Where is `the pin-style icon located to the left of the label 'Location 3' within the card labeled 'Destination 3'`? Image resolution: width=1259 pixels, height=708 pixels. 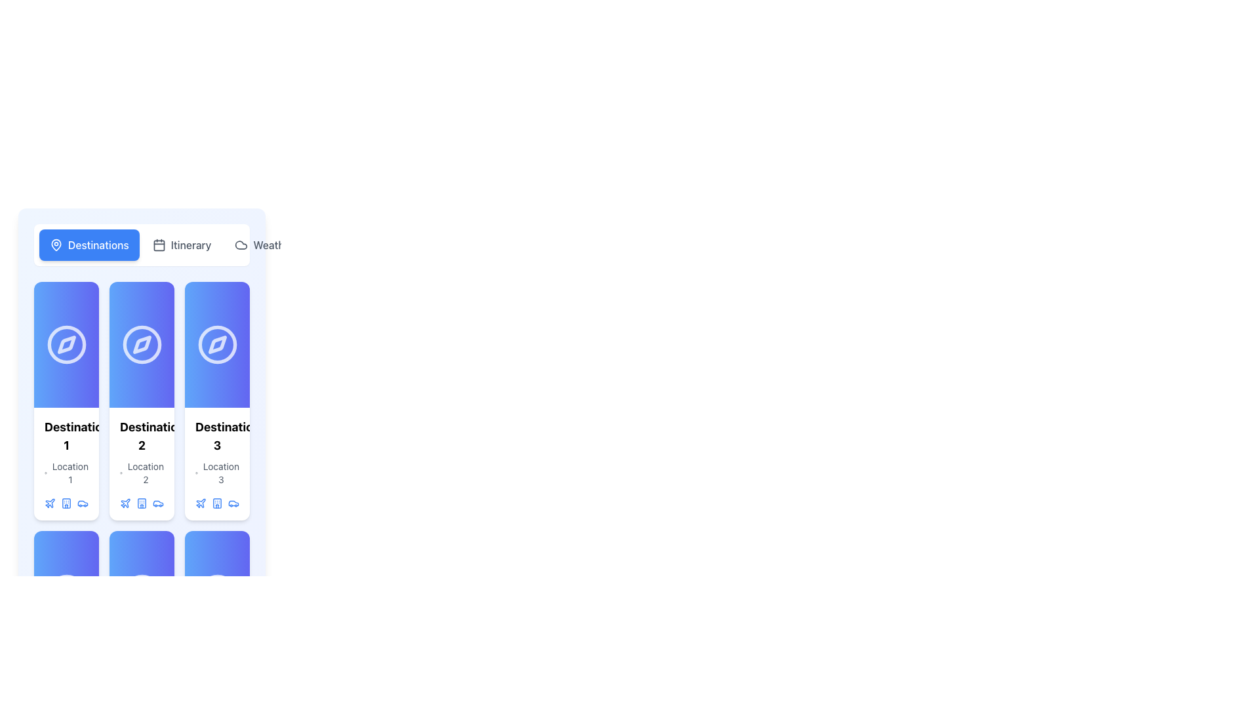 the pin-style icon located to the left of the label 'Location 3' within the card labeled 'Destination 3' is located at coordinates (195, 473).